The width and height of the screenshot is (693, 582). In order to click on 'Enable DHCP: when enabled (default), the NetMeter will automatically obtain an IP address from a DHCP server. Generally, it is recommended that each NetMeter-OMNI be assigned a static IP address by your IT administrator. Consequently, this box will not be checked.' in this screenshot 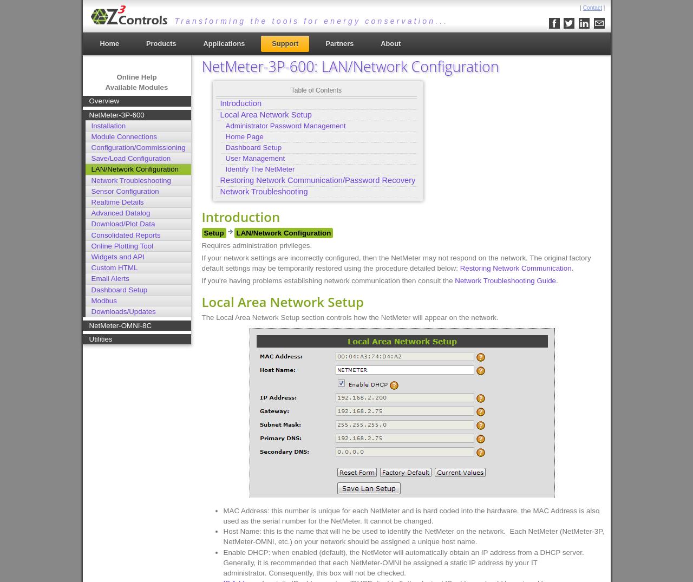, I will do `click(402, 562)`.